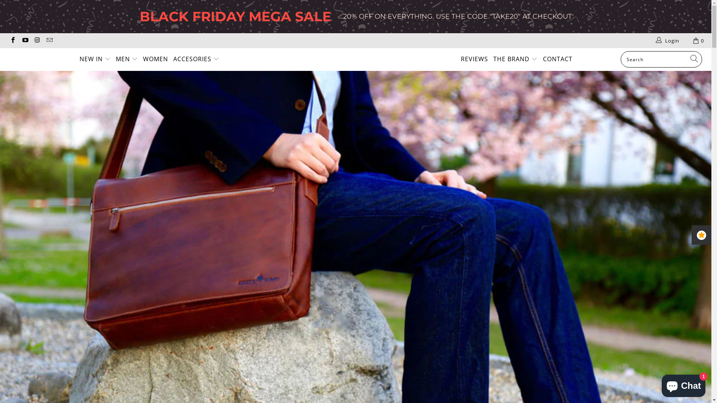 The height and width of the screenshot is (403, 717). What do you see at coordinates (699, 40) in the screenshot?
I see `'0'` at bounding box center [699, 40].